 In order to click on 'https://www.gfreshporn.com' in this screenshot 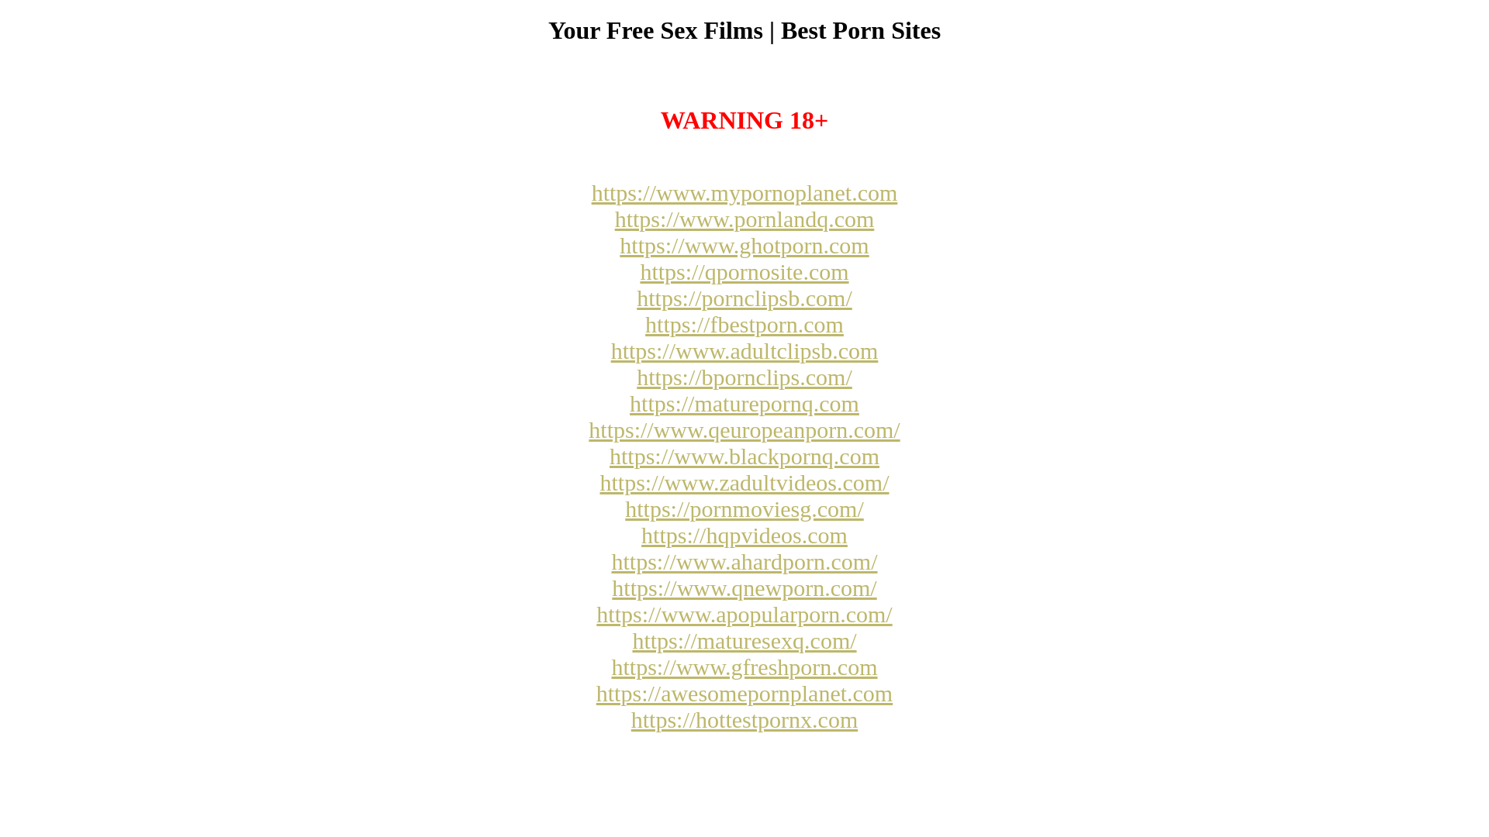, I will do `click(743, 666)`.